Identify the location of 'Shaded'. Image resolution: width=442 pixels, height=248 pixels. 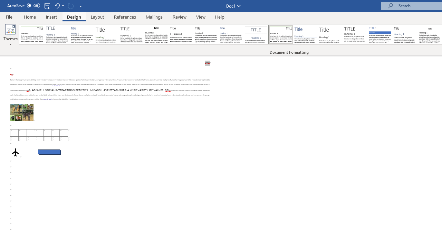
(379, 34).